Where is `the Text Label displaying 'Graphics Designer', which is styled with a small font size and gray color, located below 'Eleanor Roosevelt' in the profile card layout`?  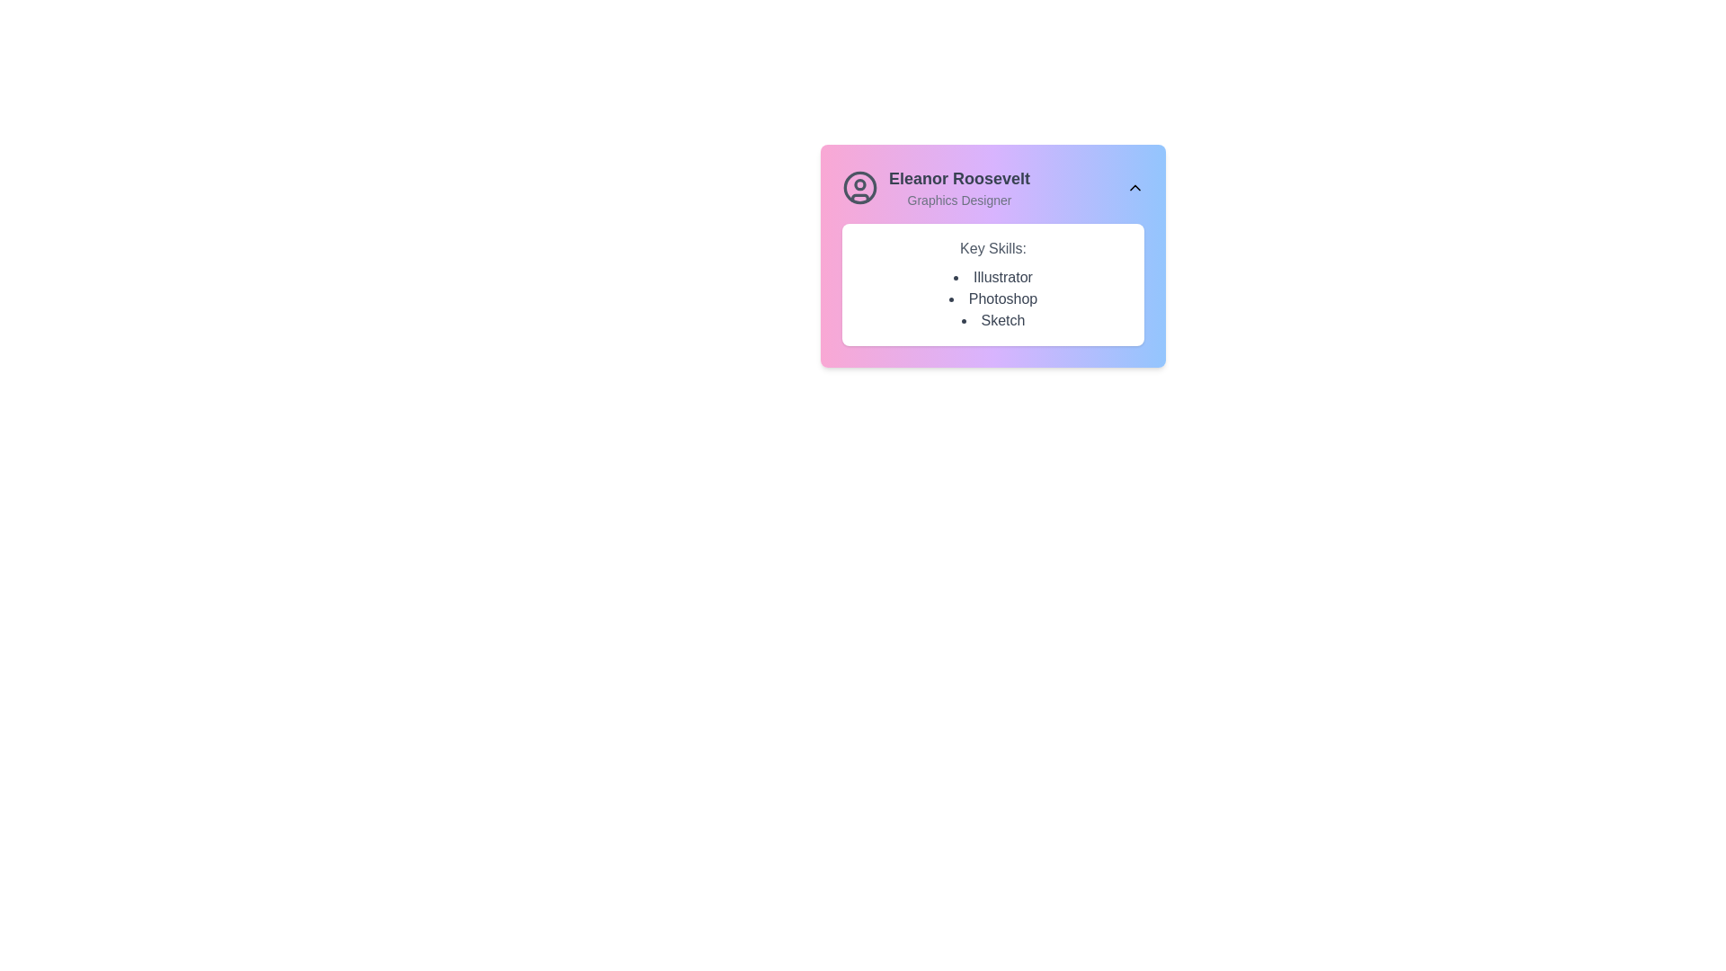
the Text Label displaying 'Graphics Designer', which is styled with a small font size and gray color, located below 'Eleanor Roosevelt' in the profile card layout is located at coordinates (958, 200).